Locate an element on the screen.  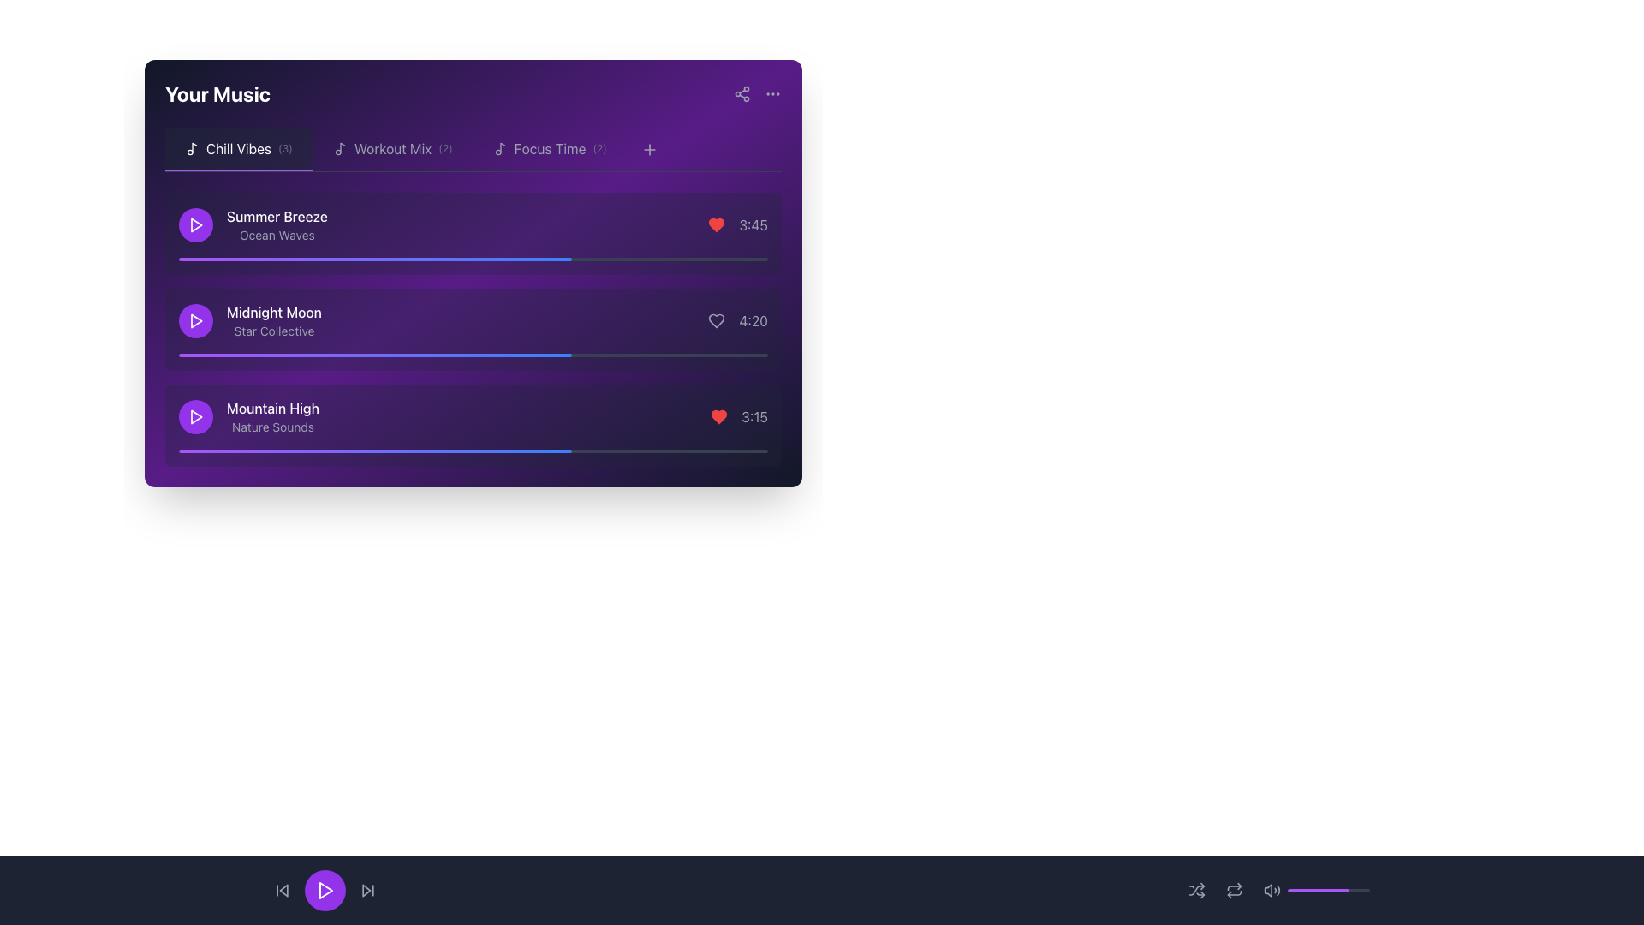
the text label displaying 'Star Collective', which is located below the title 'Midnight Moon' in the 'Your Music' section is located at coordinates (274, 331).